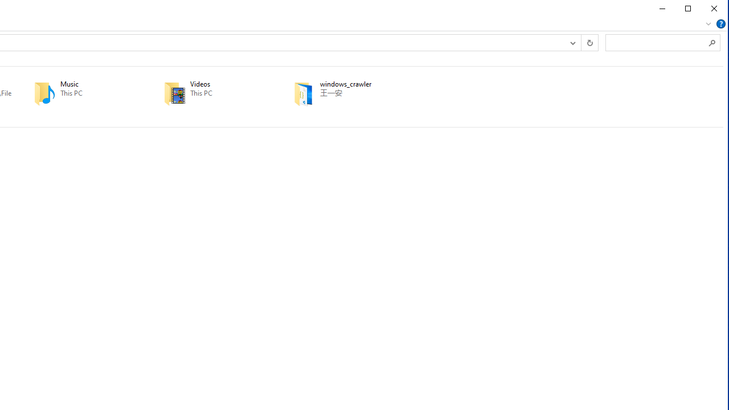  Describe the element at coordinates (661, 9) in the screenshot. I see `'Minimize'` at that location.